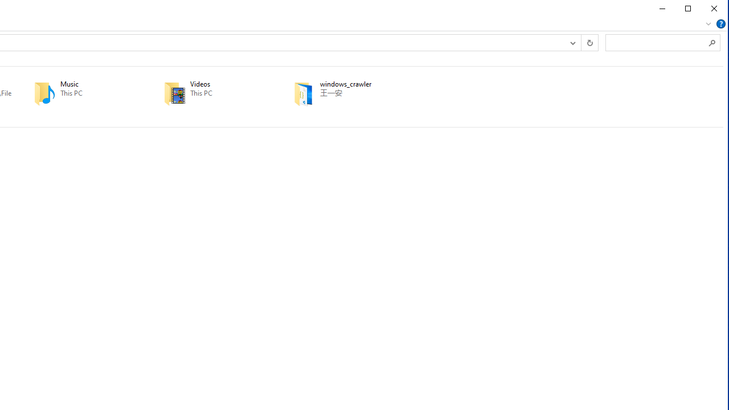  Describe the element at coordinates (661, 9) in the screenshot. I see `'Minimize'` at that location.